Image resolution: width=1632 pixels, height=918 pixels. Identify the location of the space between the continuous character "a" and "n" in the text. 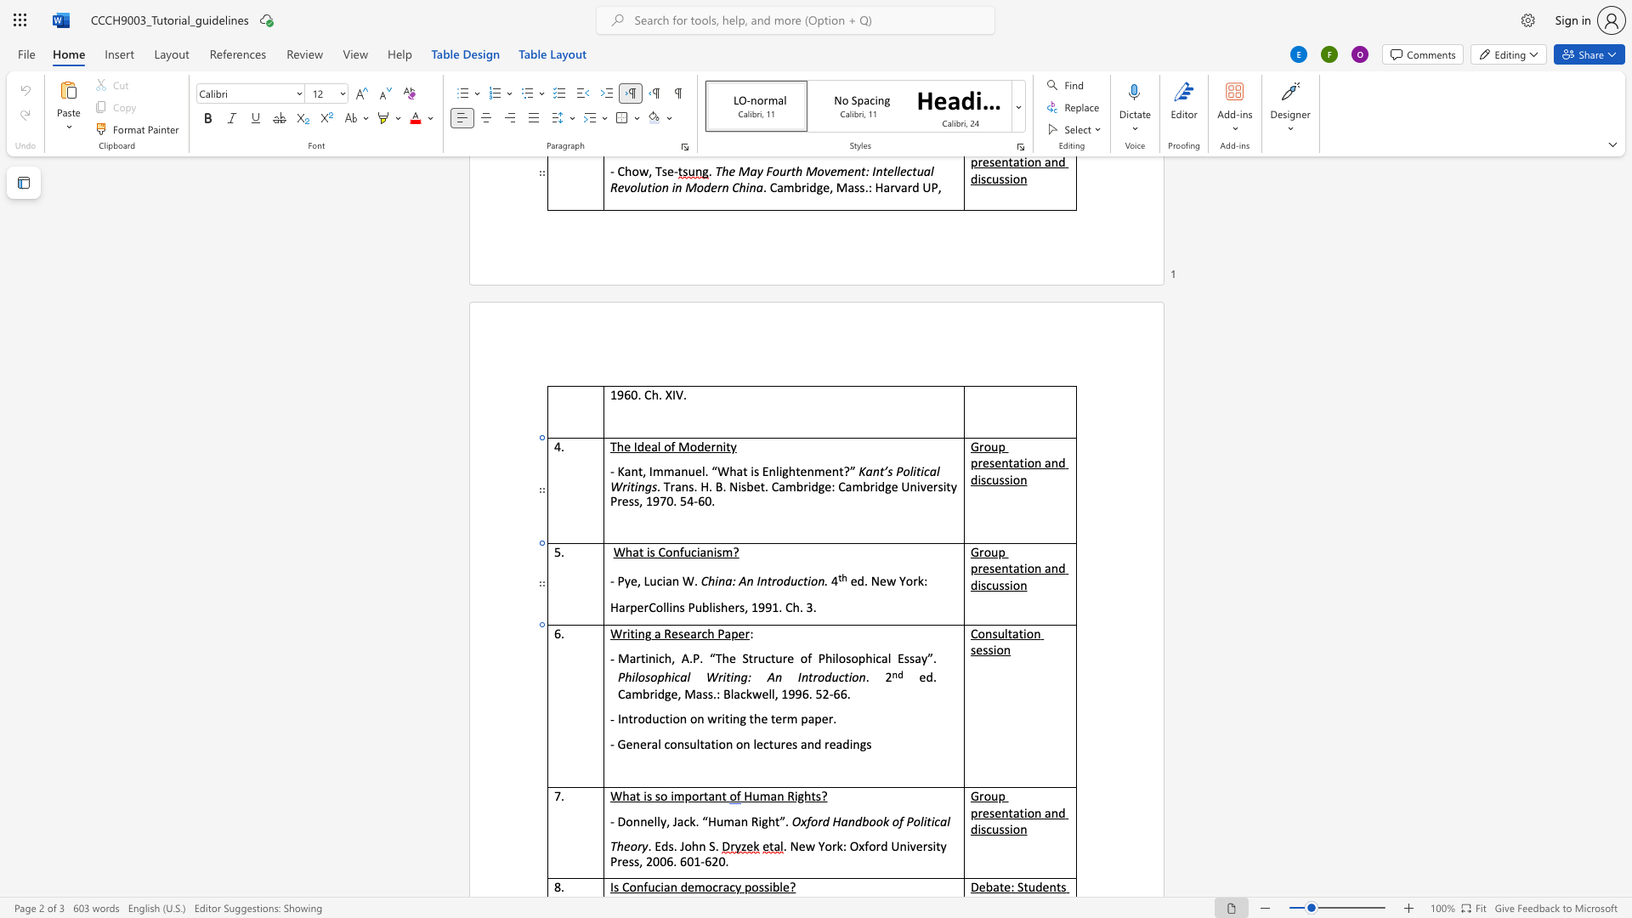
(1050, 568).